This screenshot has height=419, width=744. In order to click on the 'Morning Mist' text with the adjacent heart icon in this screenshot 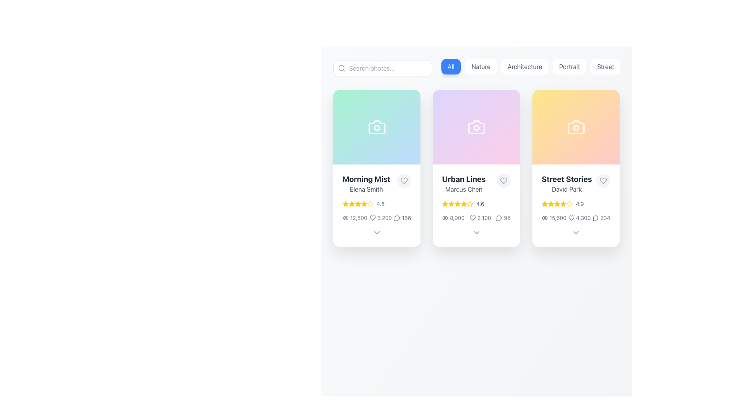, I will do `click(377, 184)`.